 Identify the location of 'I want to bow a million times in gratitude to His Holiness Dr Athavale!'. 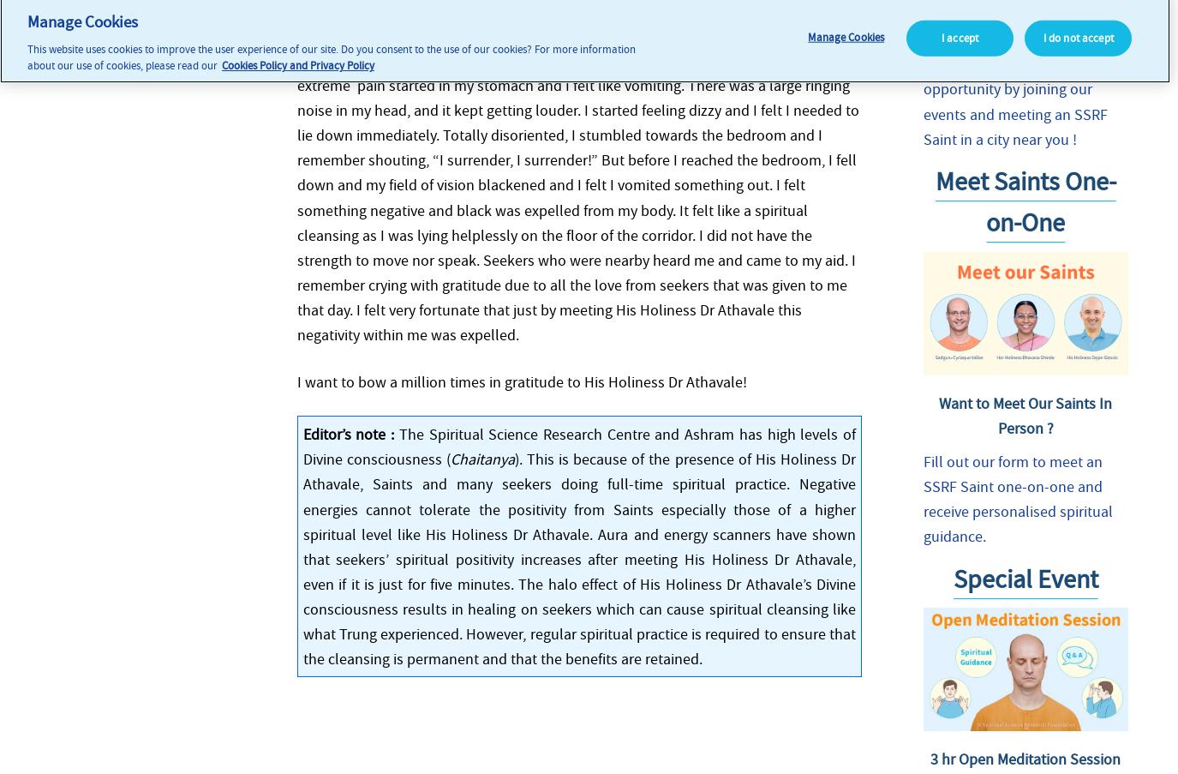
(520, 380).